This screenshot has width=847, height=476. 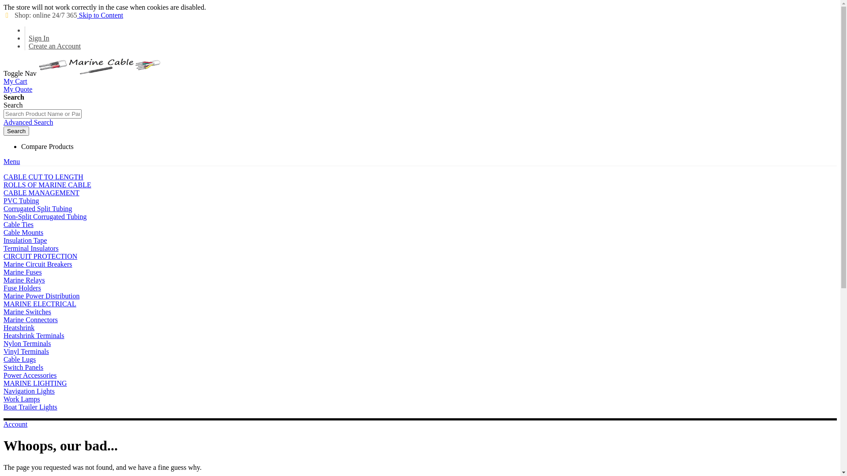 What do you see at coordinates (23, 367) in the screenshot?
I see `'Switch Panels'` at bounding box center [23, 367].